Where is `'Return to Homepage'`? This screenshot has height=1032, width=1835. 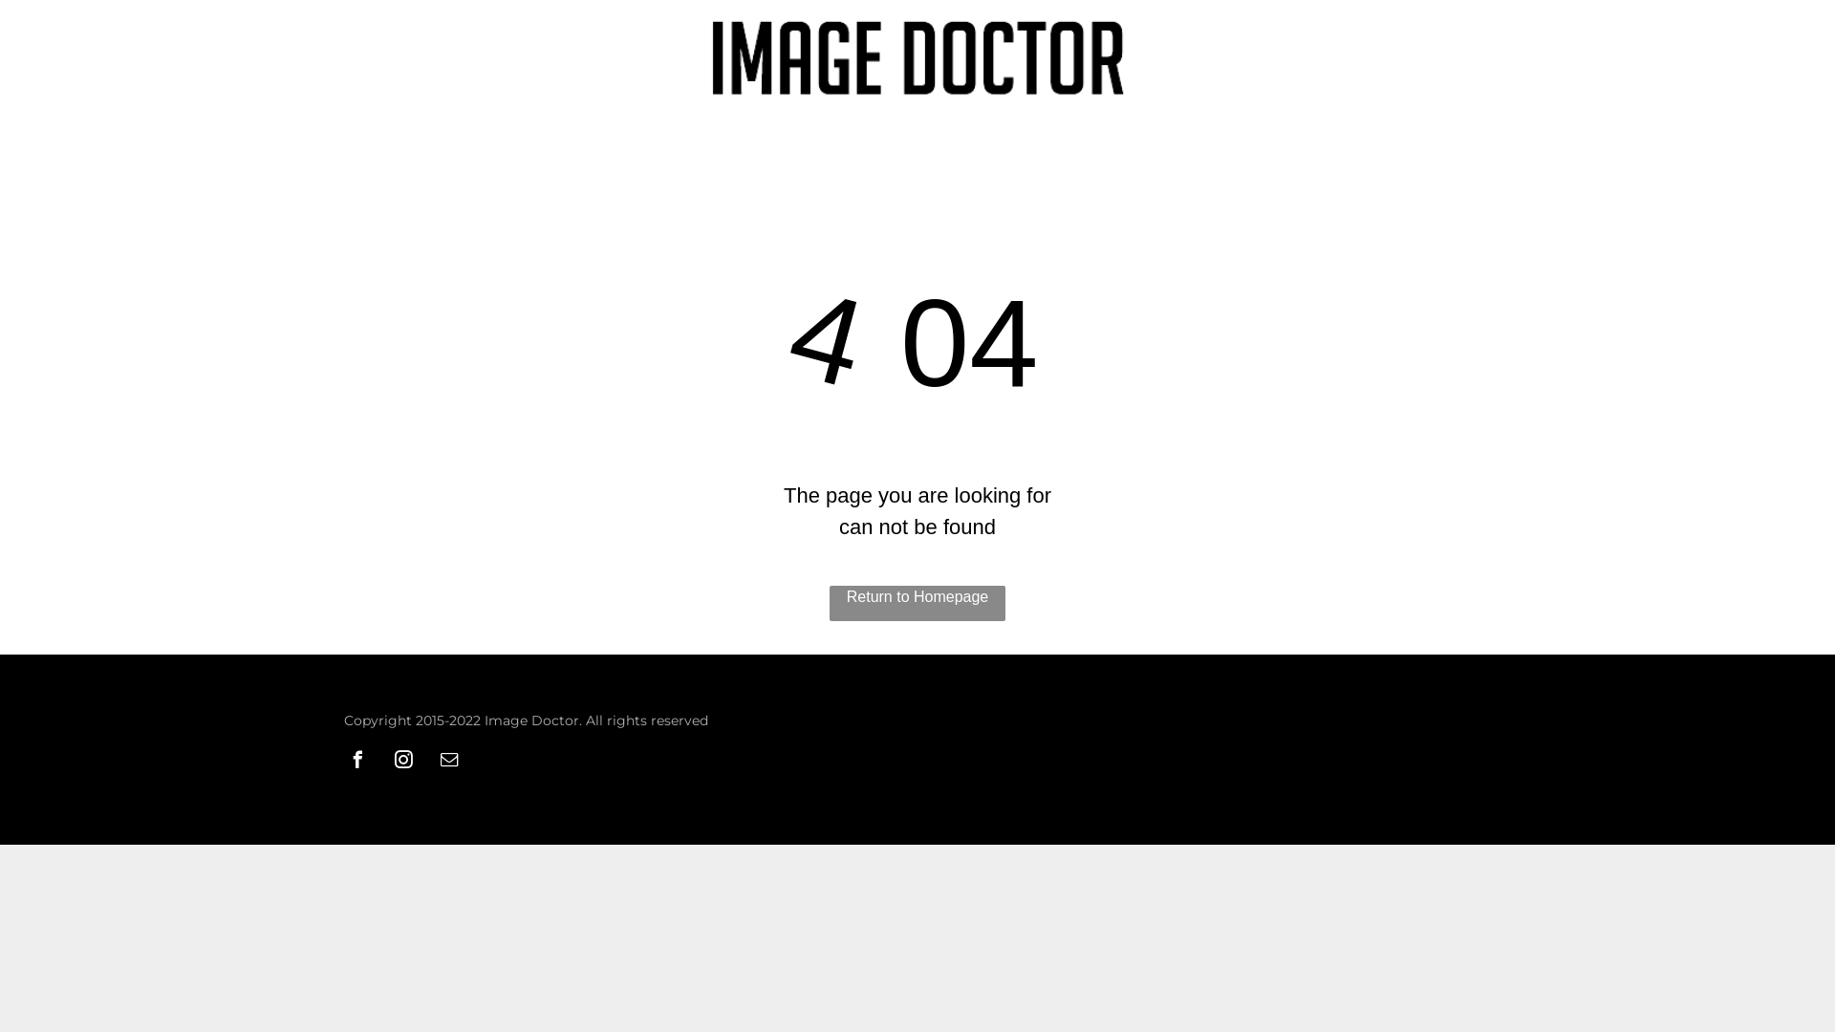 'Return to Homepage' is located at coordinates (917, 603).